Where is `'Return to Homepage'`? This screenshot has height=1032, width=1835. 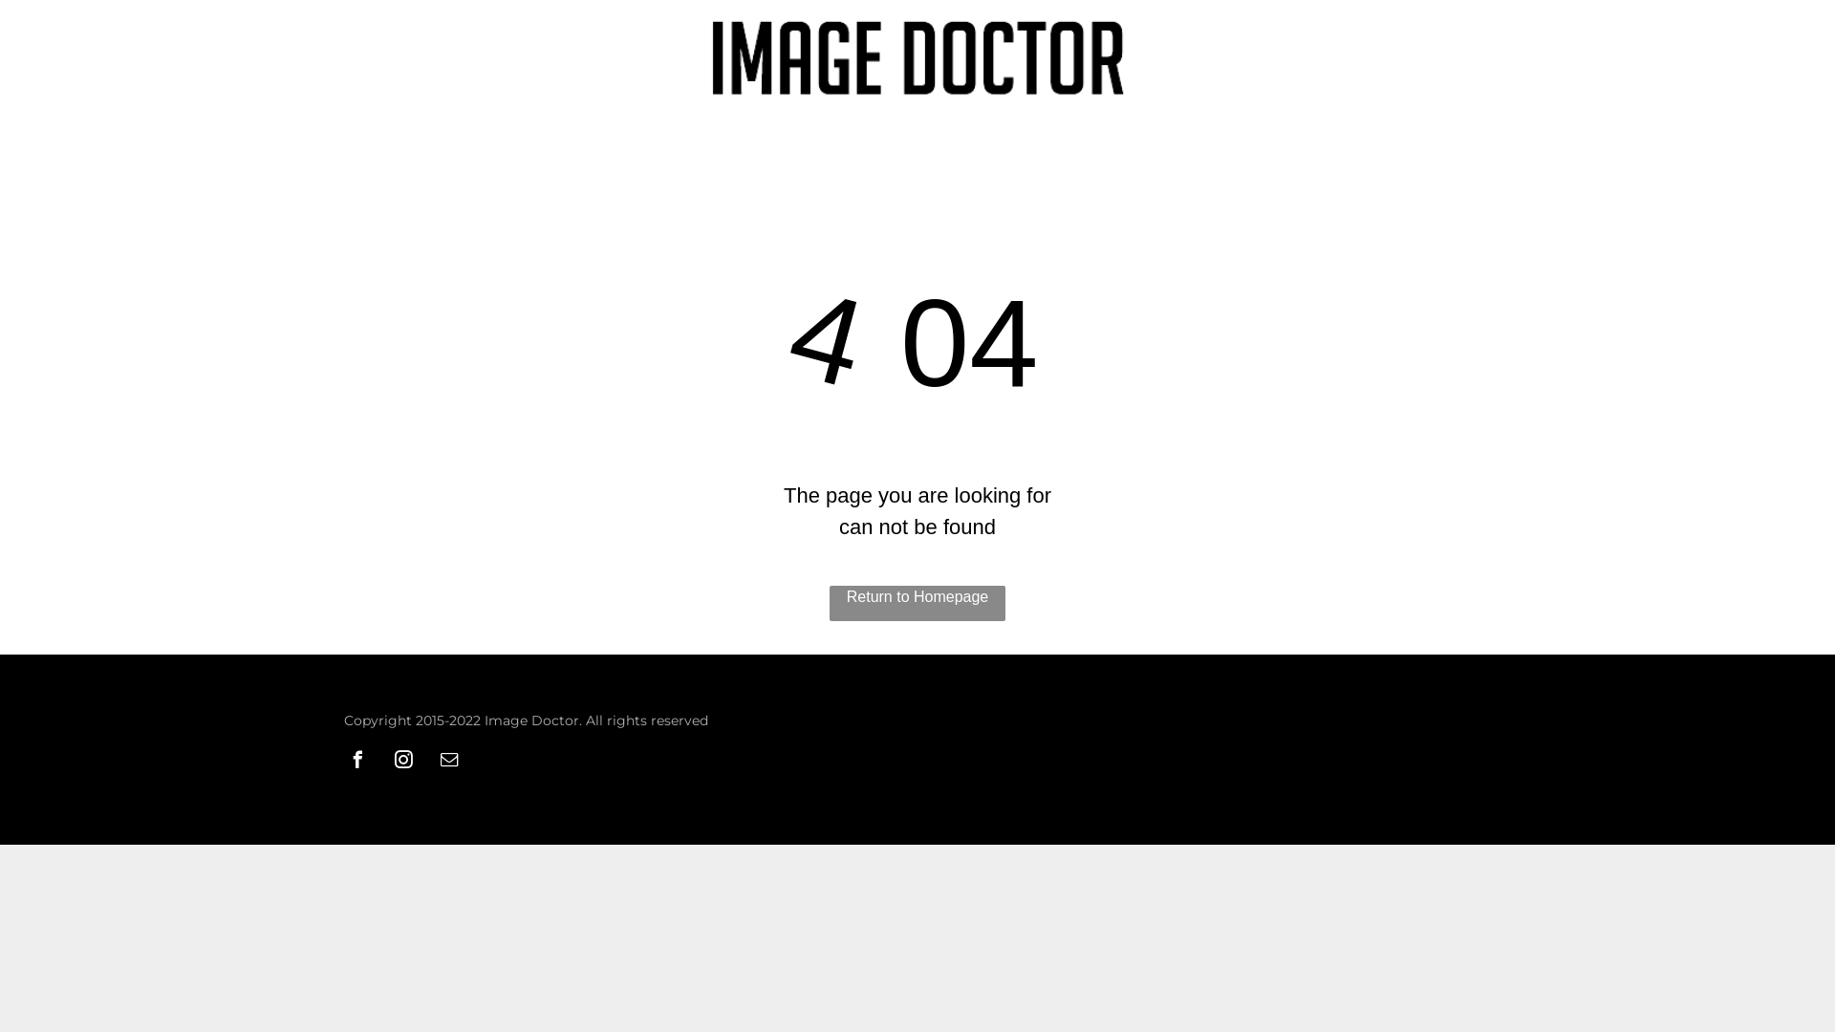 'Return to Homepage' is located at coordinates (917, 603).